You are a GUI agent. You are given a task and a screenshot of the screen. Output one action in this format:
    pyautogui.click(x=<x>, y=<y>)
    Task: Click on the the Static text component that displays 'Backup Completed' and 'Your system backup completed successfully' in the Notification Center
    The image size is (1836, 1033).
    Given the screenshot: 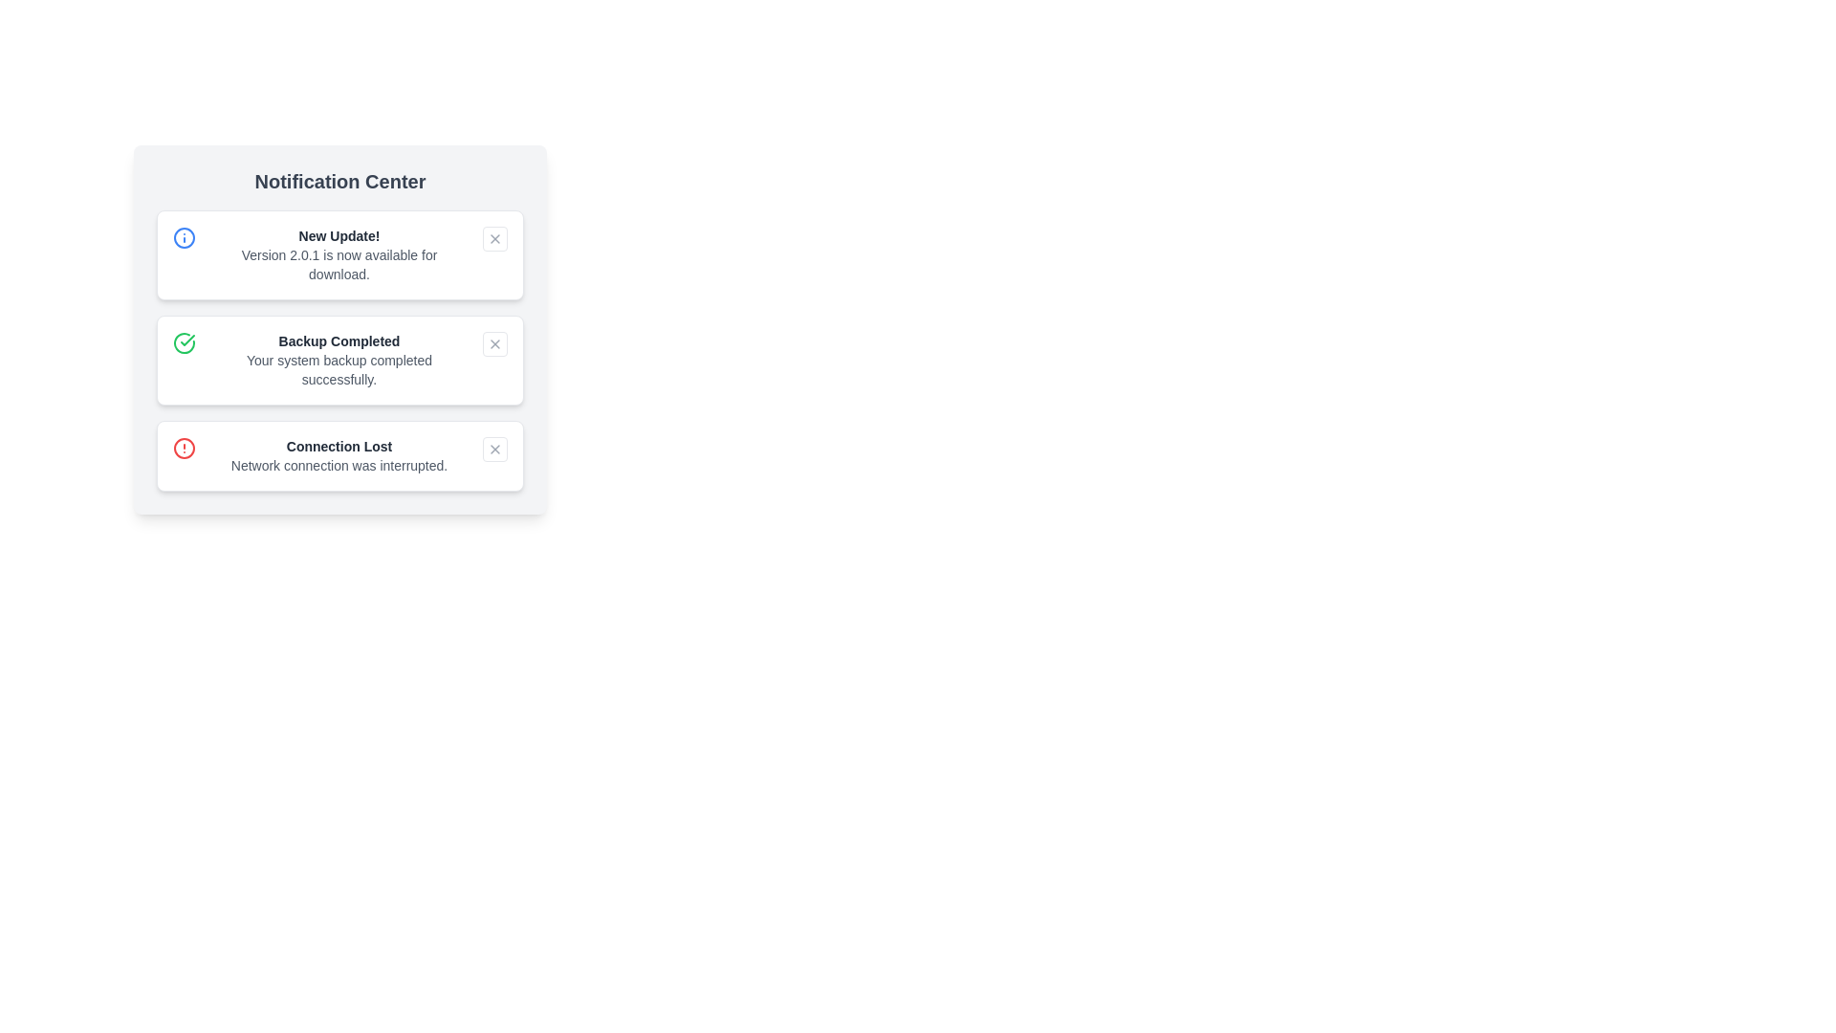 What is the action you would take?
    pyautogui.click(x=339, y=361)
    